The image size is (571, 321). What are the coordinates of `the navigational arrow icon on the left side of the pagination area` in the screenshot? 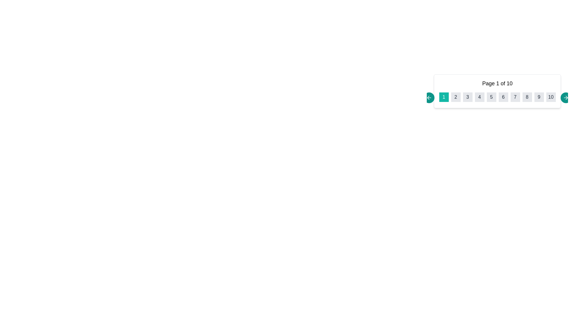 It's located at (428, 97).